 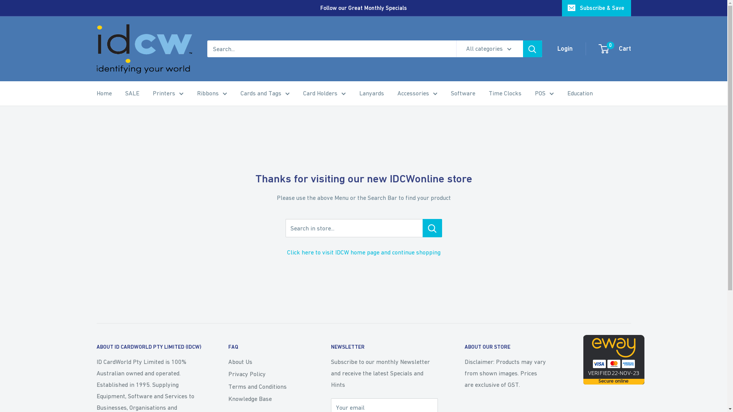 I want to click on 'Subscribe & Save', so click(x=562, y=8).